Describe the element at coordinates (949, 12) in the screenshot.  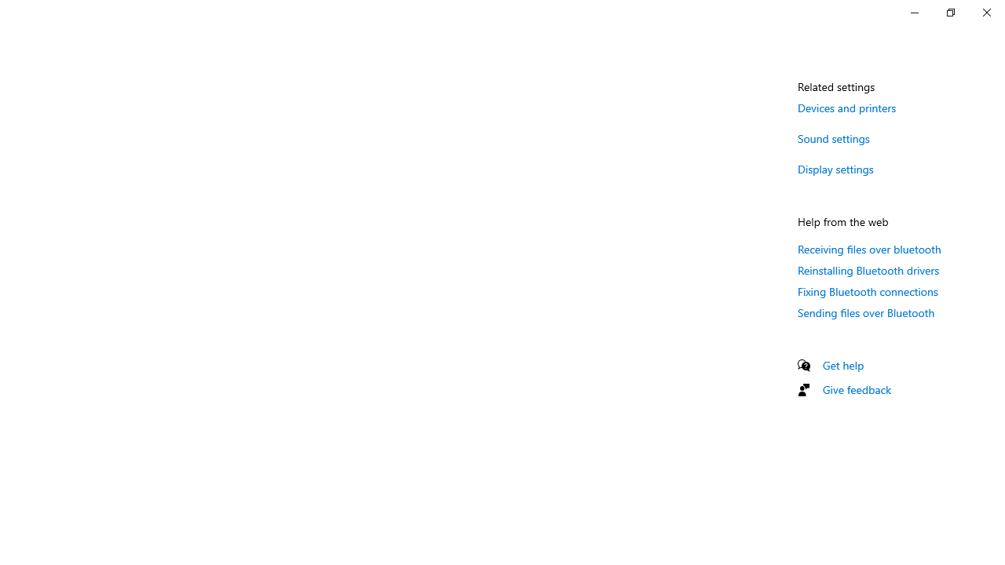
I see `'Restore Settings'` at that location.